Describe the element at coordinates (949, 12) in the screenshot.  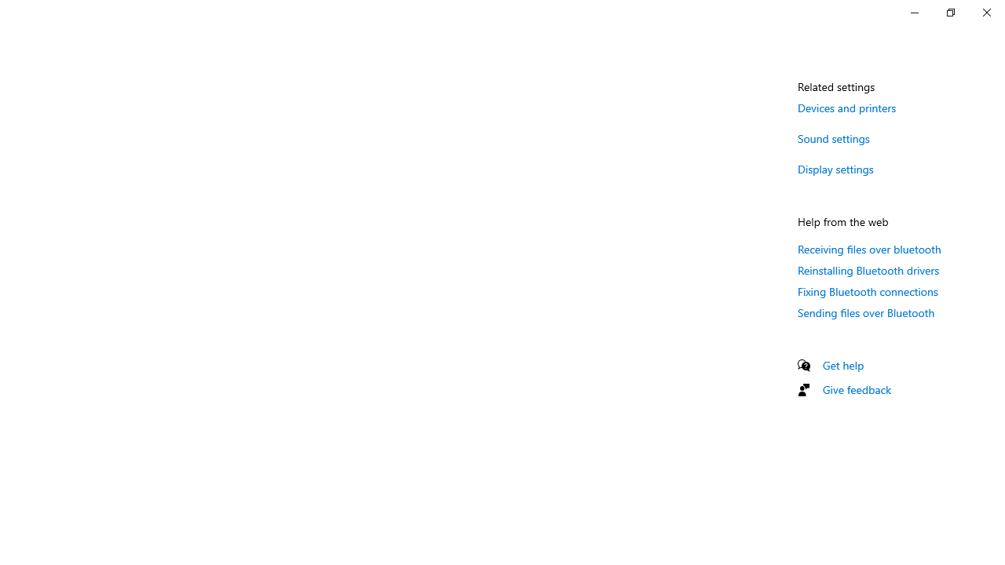
I see `'Restore Settings'` at that location.